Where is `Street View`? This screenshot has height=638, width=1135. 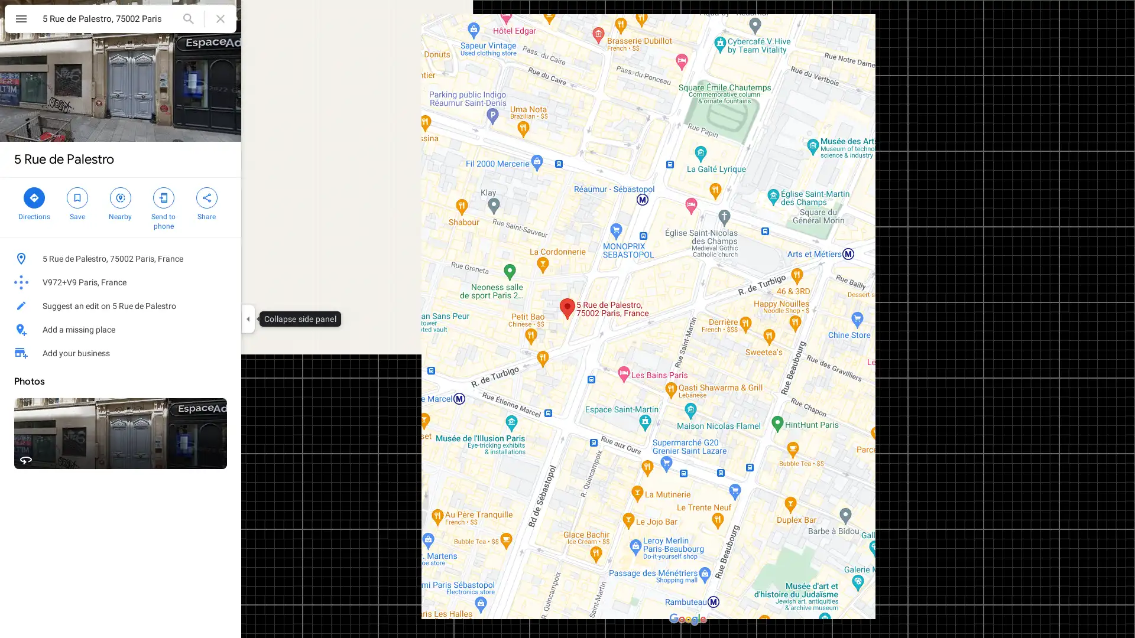
Street View is located at coordinates (121, 433).